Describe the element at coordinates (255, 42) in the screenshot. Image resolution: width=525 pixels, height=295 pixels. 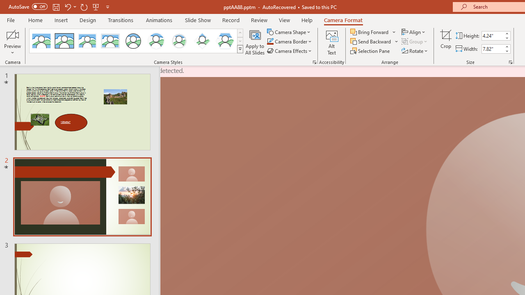
I see `'Apply to All Slides'` at that location.